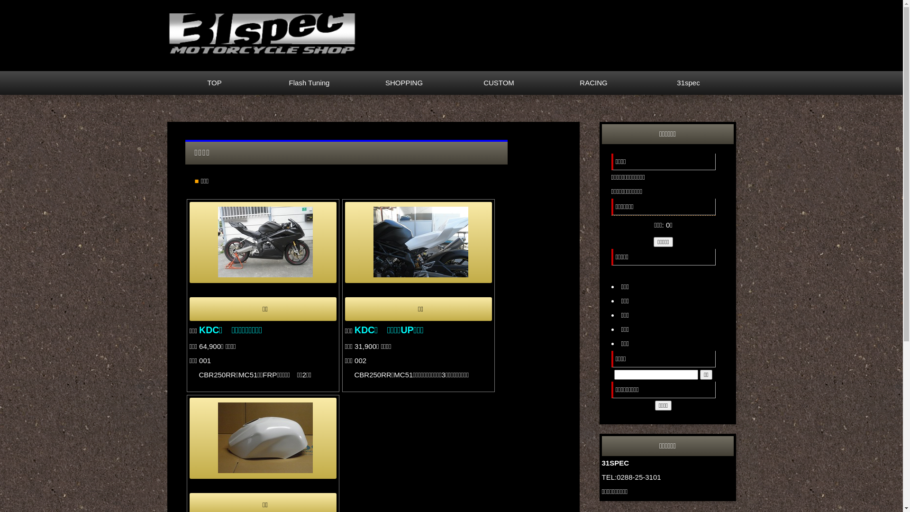 The width and height of the screenshot is (910, 512). What do you see at coordinates (309, 82) in the screenshot?
I see `'Flash Tuning'` at bounding box center [309, 82].